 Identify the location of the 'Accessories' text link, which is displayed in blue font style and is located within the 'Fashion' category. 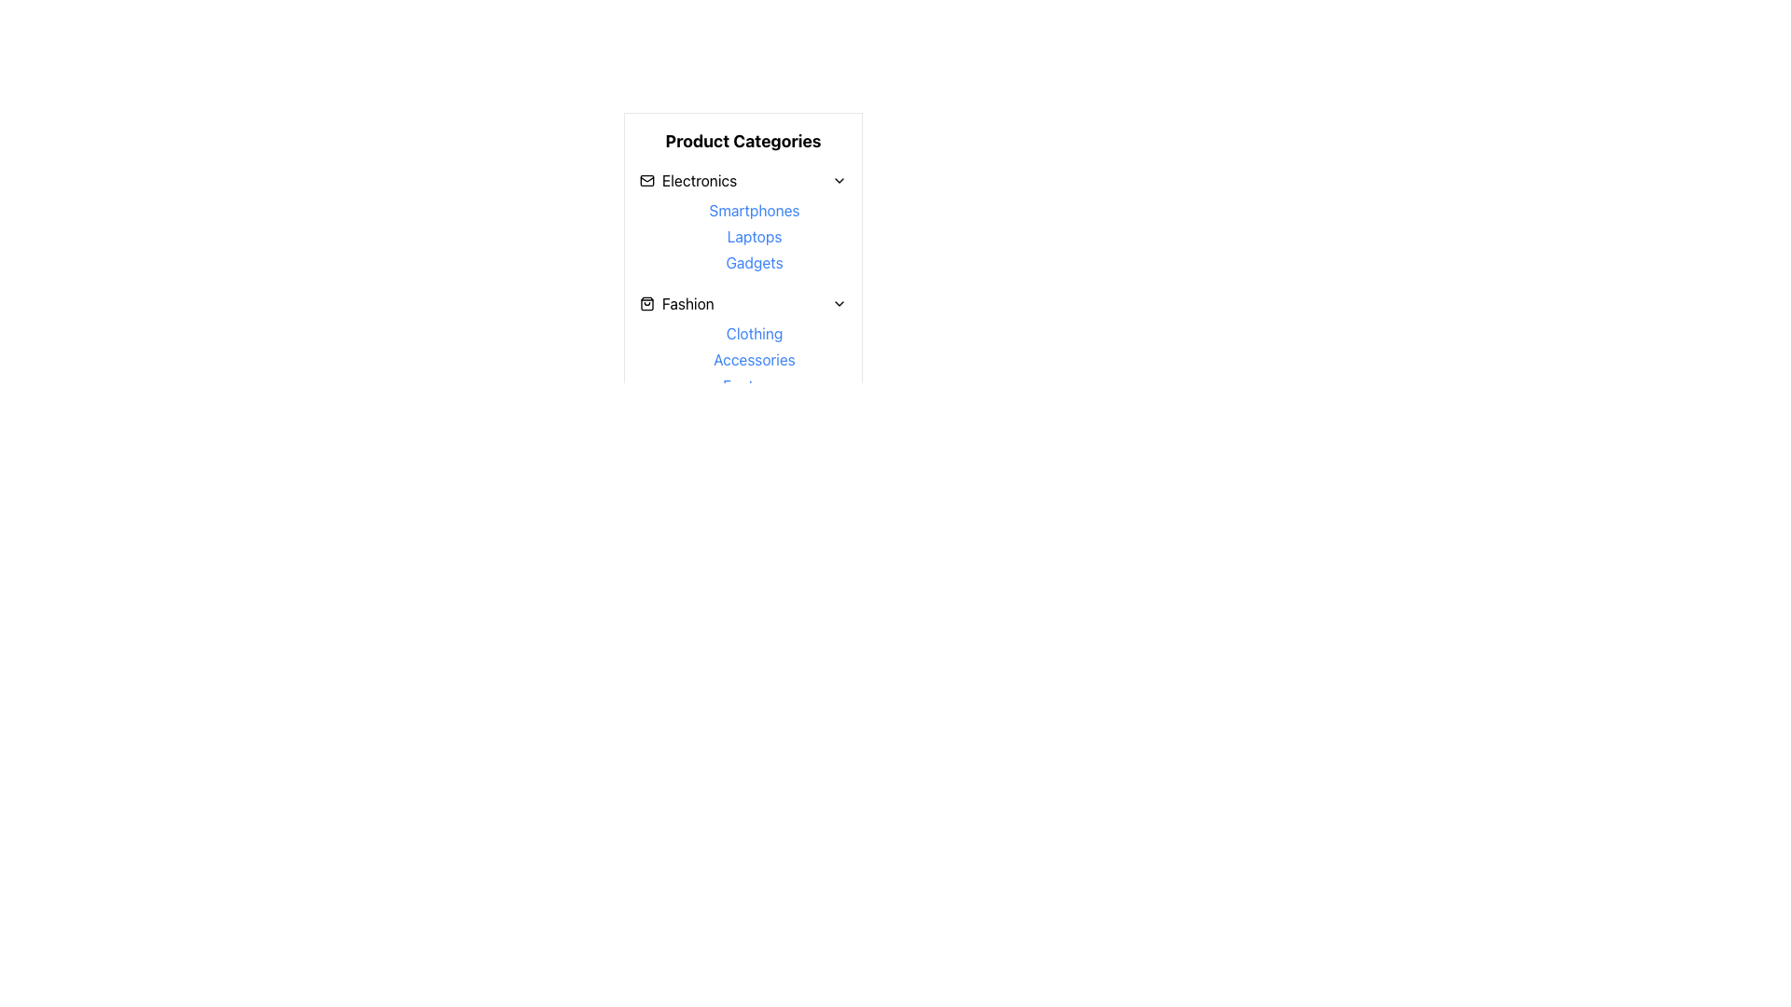
(755, 359).